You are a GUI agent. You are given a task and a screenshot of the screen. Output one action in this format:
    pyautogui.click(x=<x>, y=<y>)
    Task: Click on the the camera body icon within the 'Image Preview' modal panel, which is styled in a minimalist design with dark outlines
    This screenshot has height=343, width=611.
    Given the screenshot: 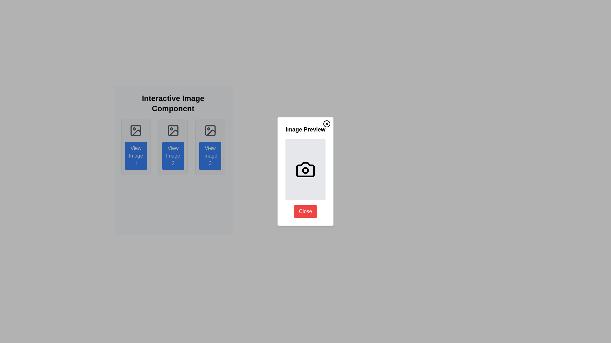 What is the action you would take?
    pyautogui.click(x=305, y=169)
    